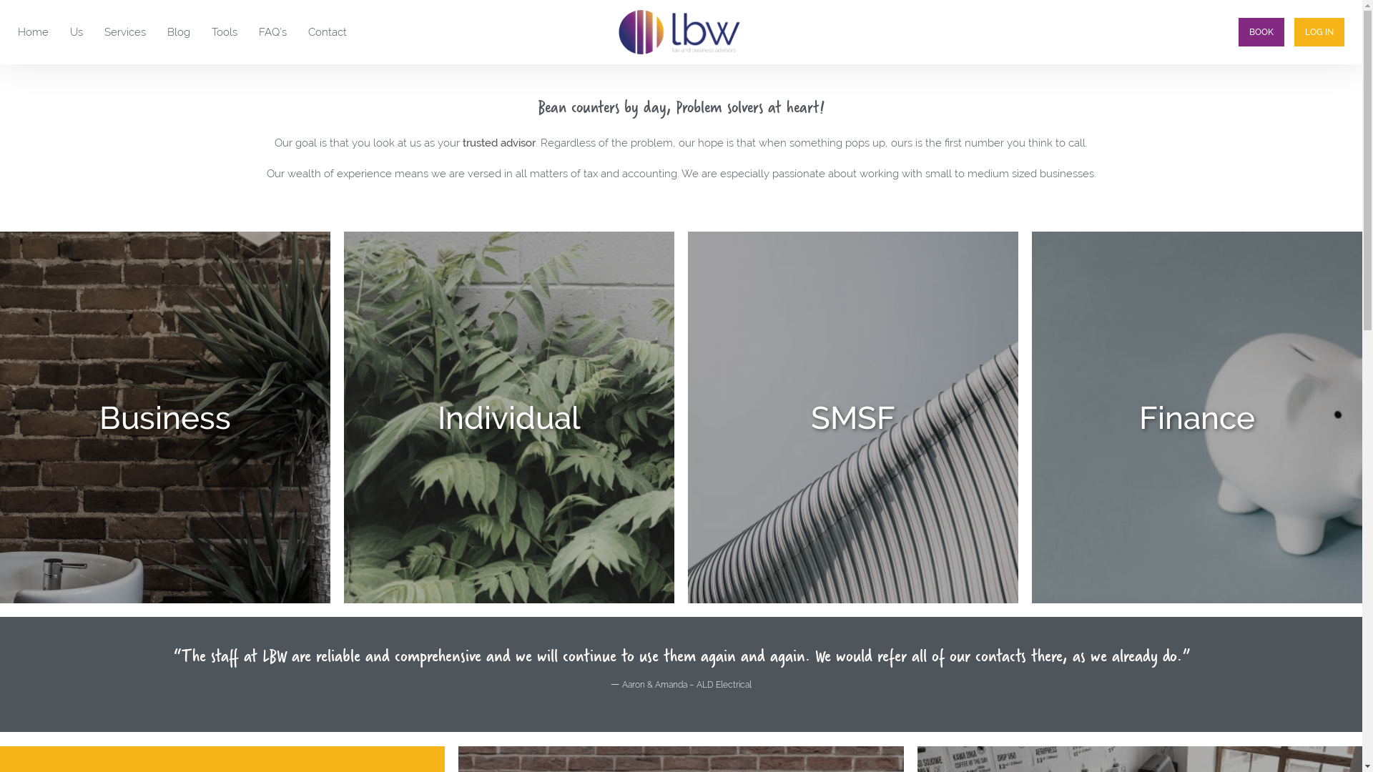  What do you see at coordinates (297, 32) in the screenshot?
I see `'Contact'` at bounding box center [297, 32].